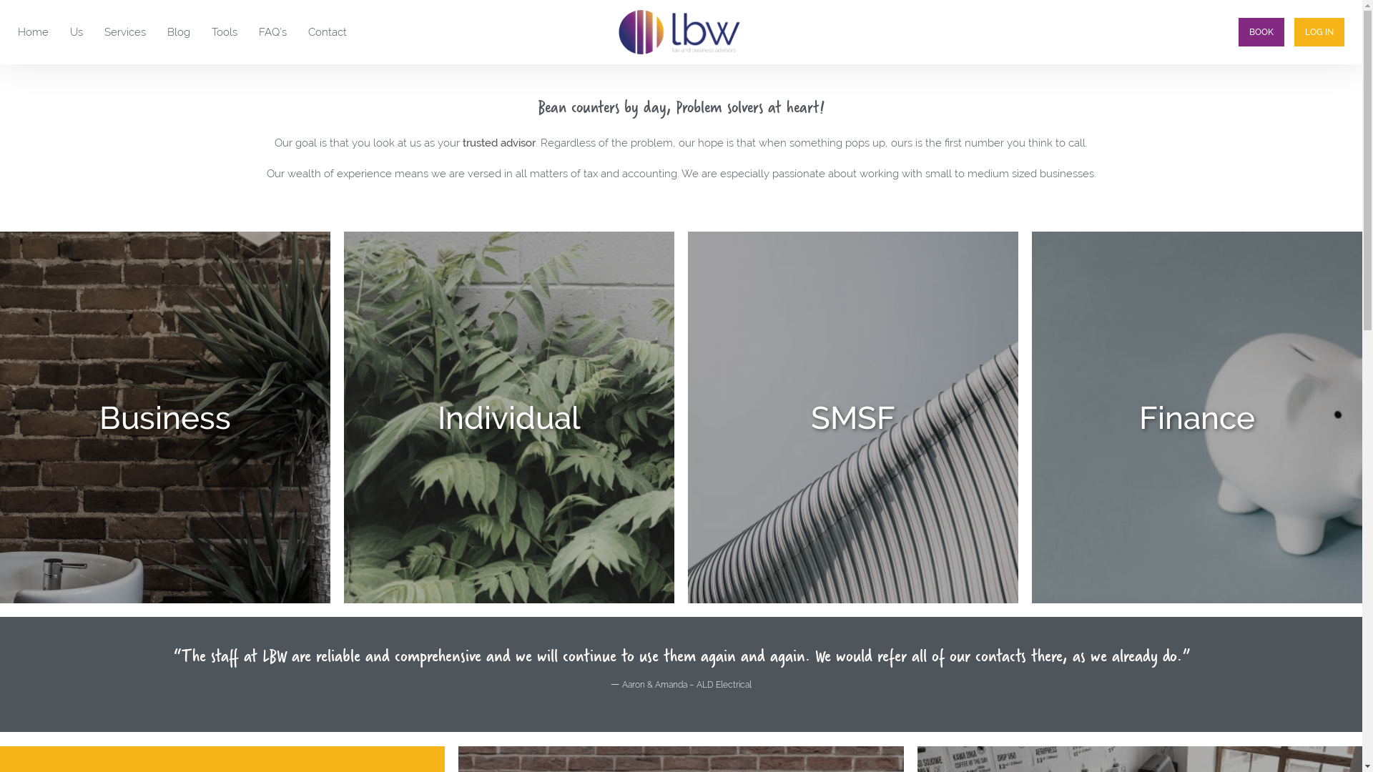  What do you see at coordinates (297, 32) in the screenshot?
I see `'Contact'` at bounding box center [297, 32].